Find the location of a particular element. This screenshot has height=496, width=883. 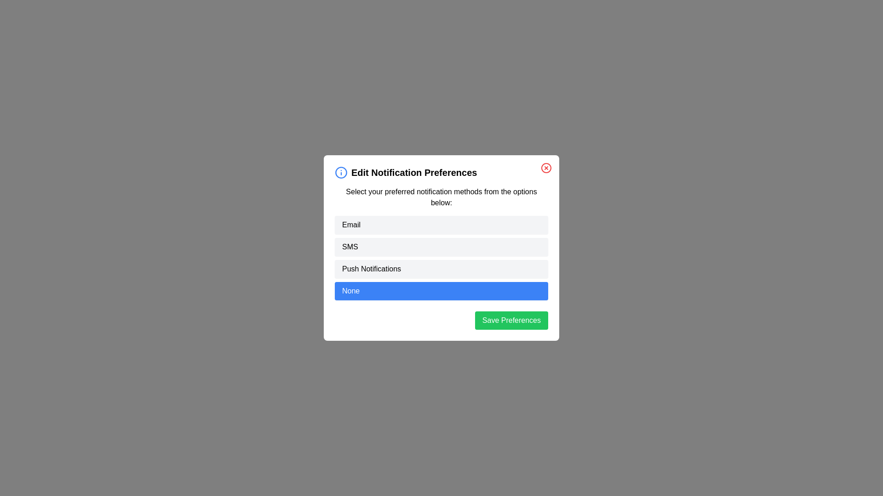

the close button in the top-right corner of the dialog to close it is located at coordinates (546, 168).